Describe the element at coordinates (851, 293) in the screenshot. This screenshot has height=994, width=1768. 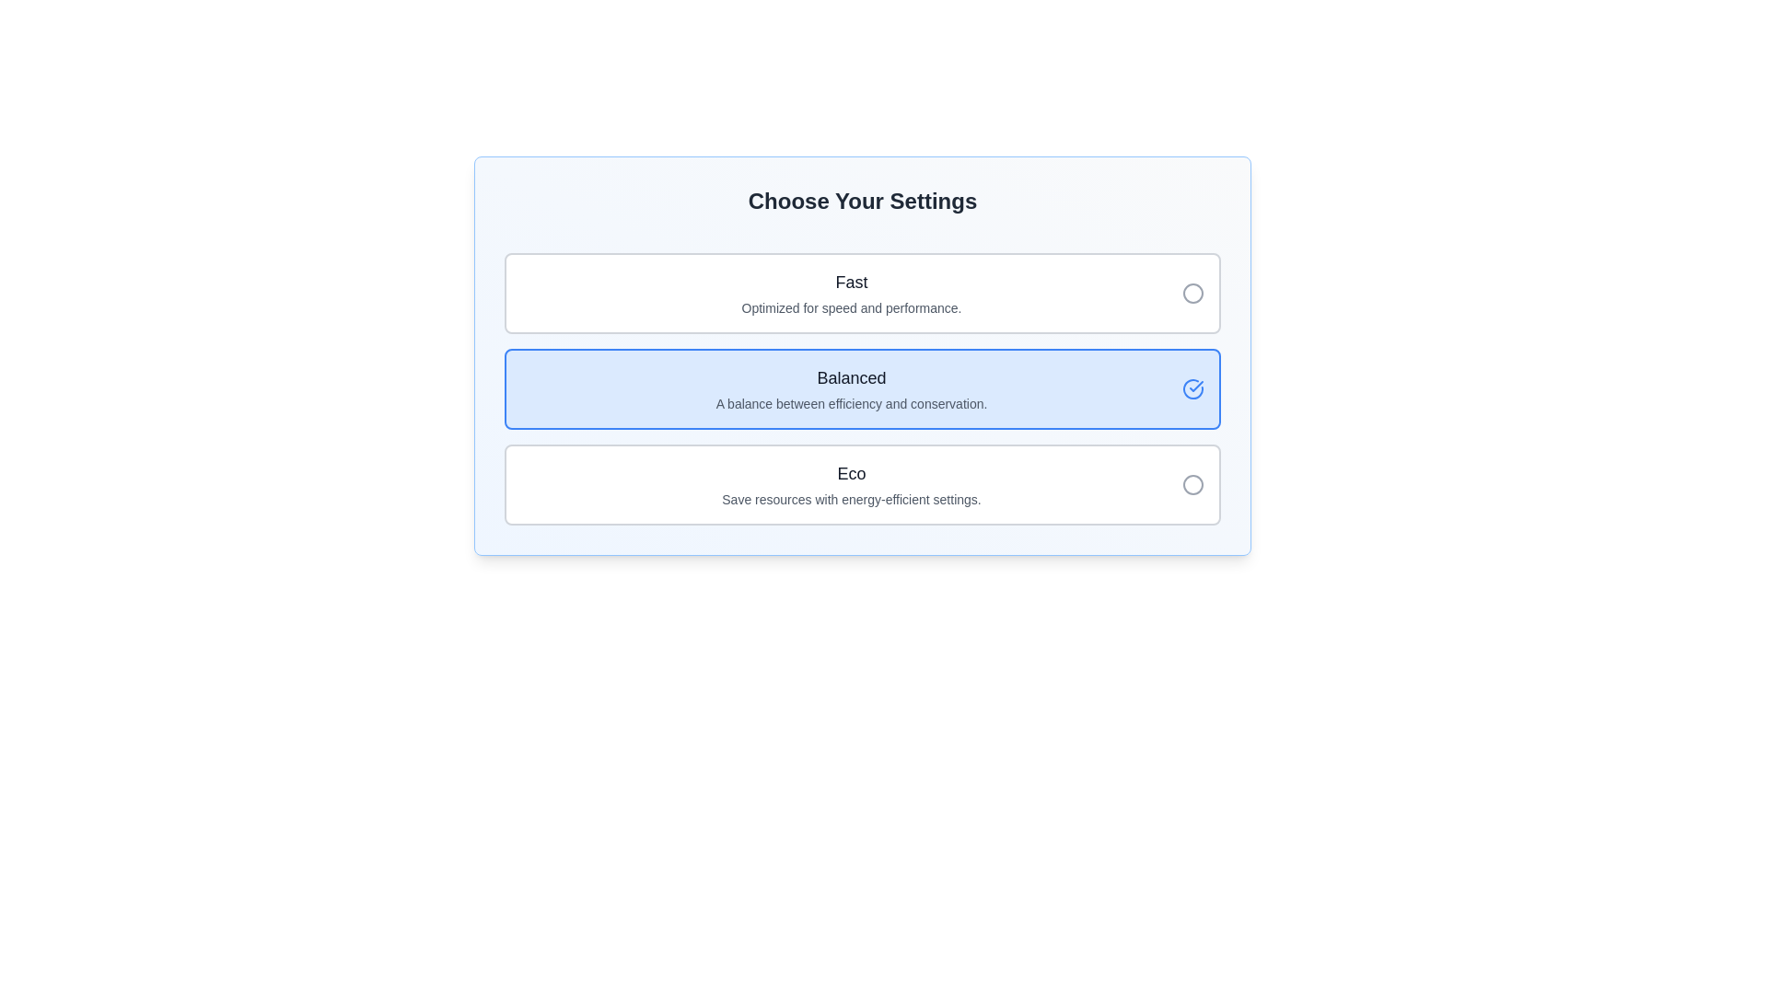
I see `the 'Fast' configuration selectable list item located at the top of the settings options` at that location.